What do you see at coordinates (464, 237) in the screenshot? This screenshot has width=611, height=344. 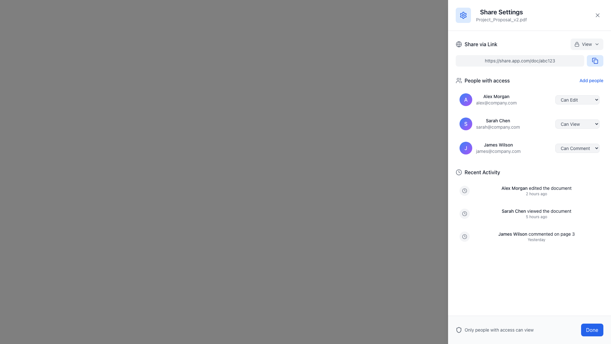 I see `the circular light gray icon with a clock symbol, located to the left of the entry for 'James Wilson commented on page 3'` at bounding box center [464, 237].